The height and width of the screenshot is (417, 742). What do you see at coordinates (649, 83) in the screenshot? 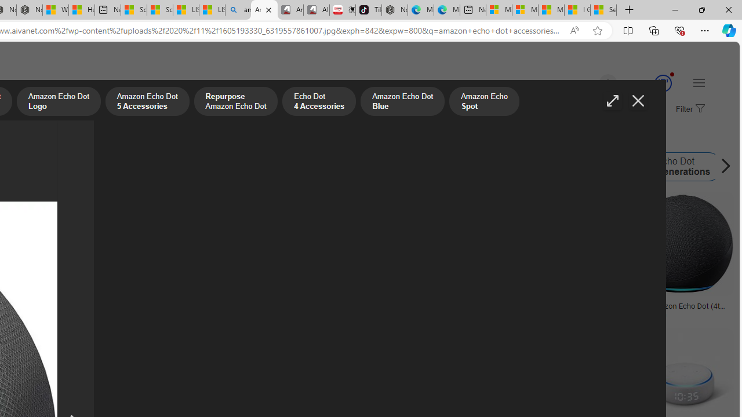
I see `'Microsoft Rewards 147'` at bounding box center [649, 83].